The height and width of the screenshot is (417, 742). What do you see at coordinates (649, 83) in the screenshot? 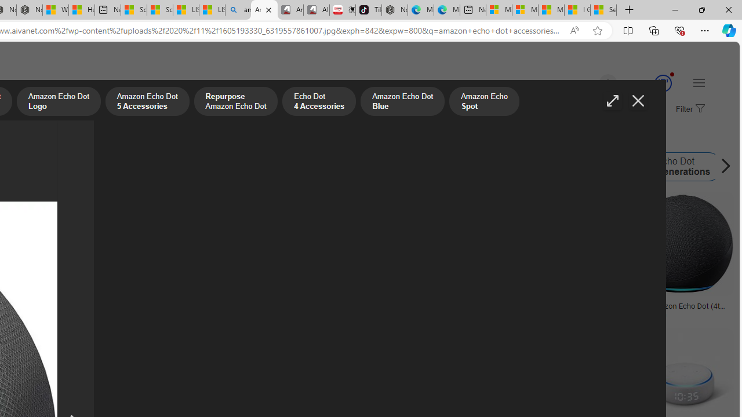
I see `'Microsoft Rewards 147'` at bounding box center [649, 83].